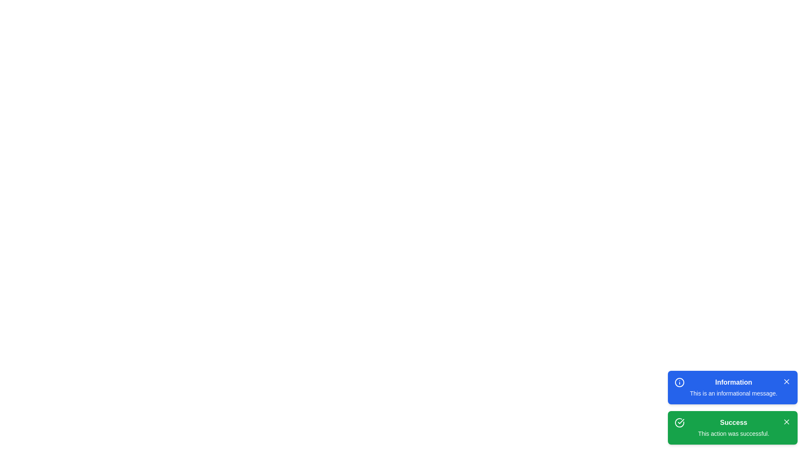  What do you see at coordinates (733, 427) in the screenshot?
I see `the text field displaying the message 'Success This action was successful.' which is located in the lower green notification box, positioned centrally to the right of a check mark icon and to the left of a close button` at bounding box center [733, 427].